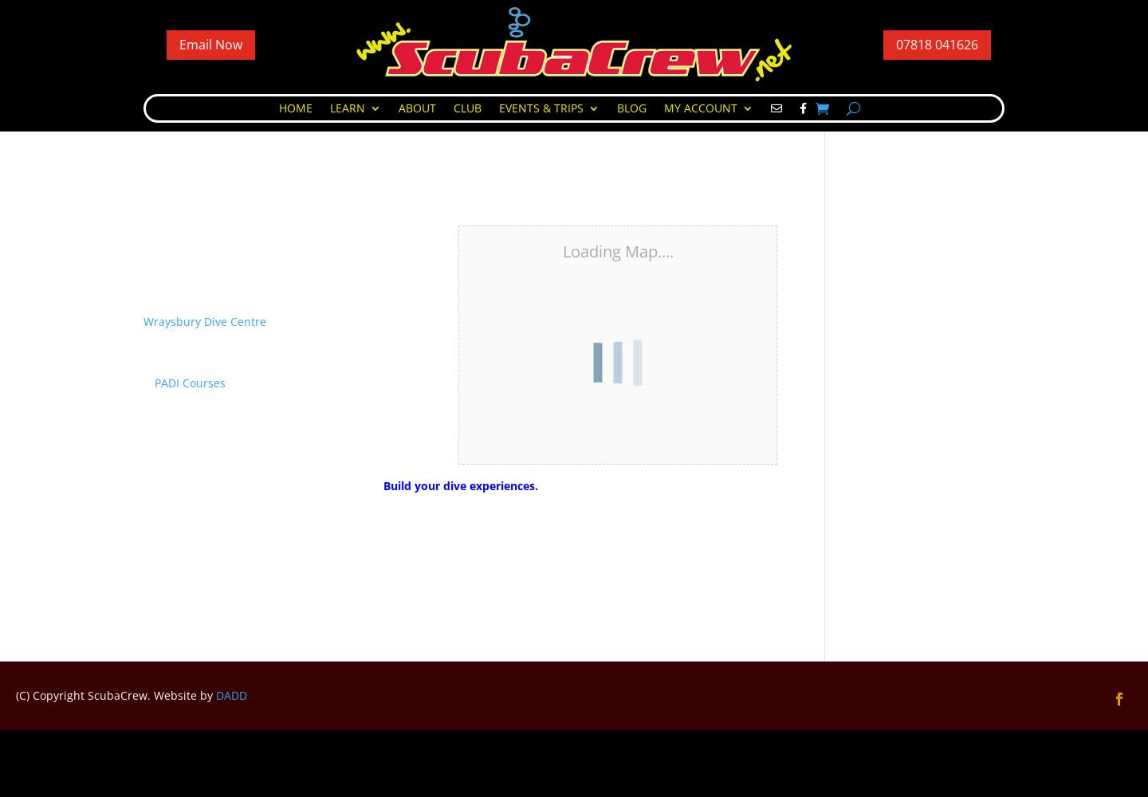  I want to click on 'Kids Scuba Parties', so click(576, 152).